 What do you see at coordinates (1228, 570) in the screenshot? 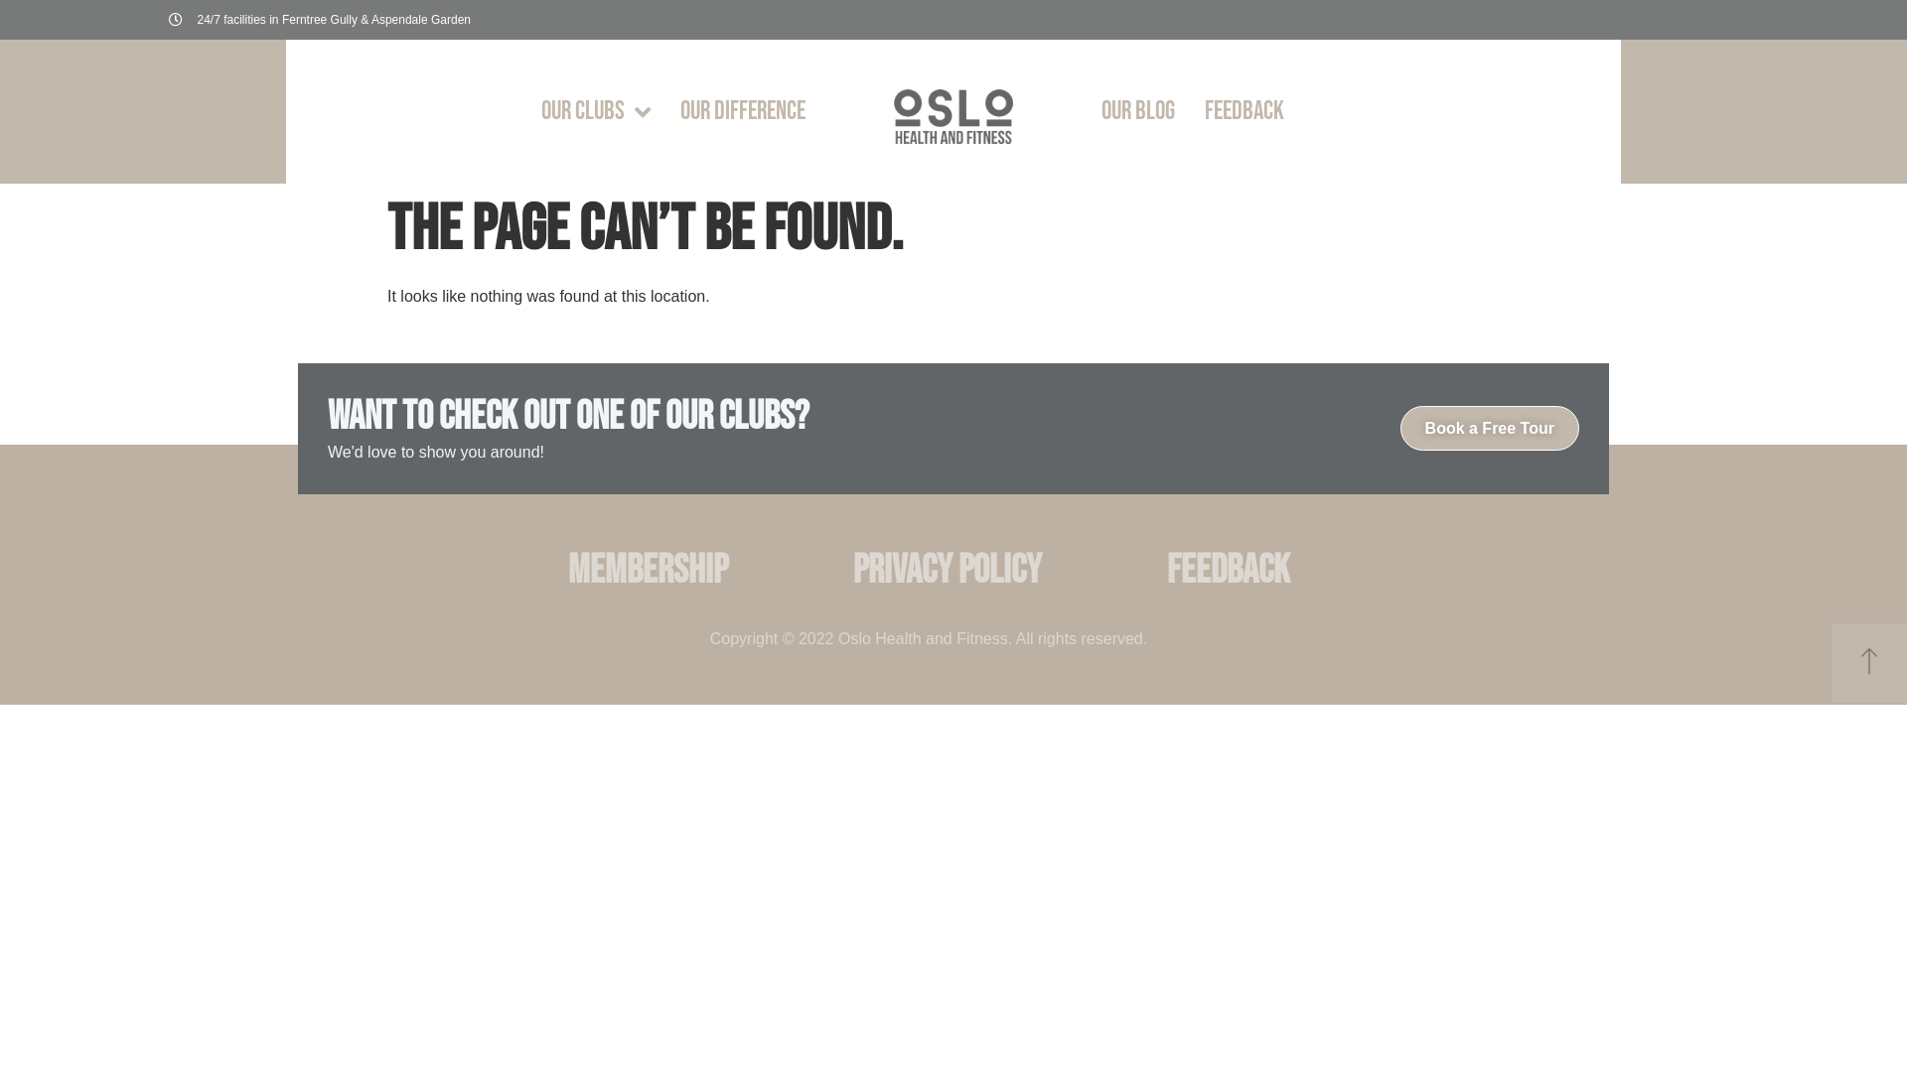
I see `'Feedback'` at bounding box center [1228, 570].